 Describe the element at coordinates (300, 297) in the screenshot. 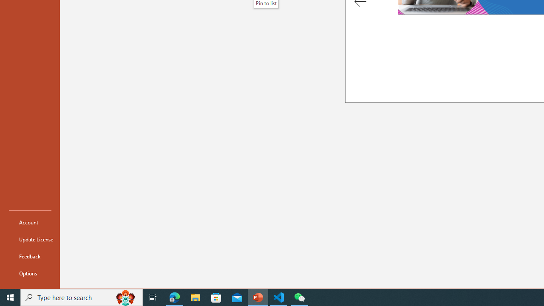

I see `'WeChat - 1 running window'` at that location.